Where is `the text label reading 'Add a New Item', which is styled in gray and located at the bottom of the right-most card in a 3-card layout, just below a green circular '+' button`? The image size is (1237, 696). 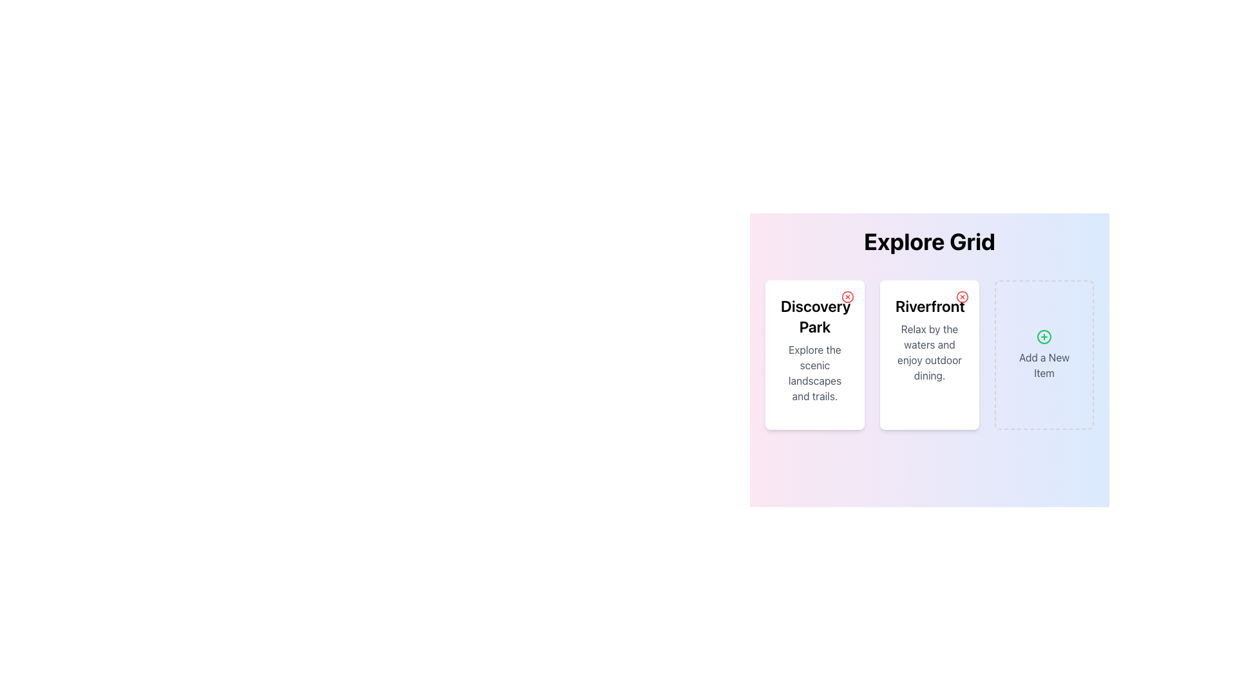 the text label reading 'Add a New Item', which is styled in gray and located at the bottom of the right-most card in a 3-card layout, just below a green circular '+' button is located at coordinates (1044, 365).